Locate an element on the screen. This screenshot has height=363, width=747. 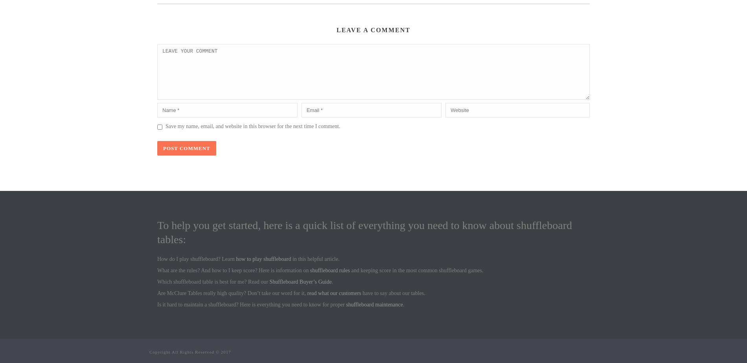
'To help you get started, here is a quick list of everything you need to know about shuffleboard tables:' is located at coordinates (364, 232).